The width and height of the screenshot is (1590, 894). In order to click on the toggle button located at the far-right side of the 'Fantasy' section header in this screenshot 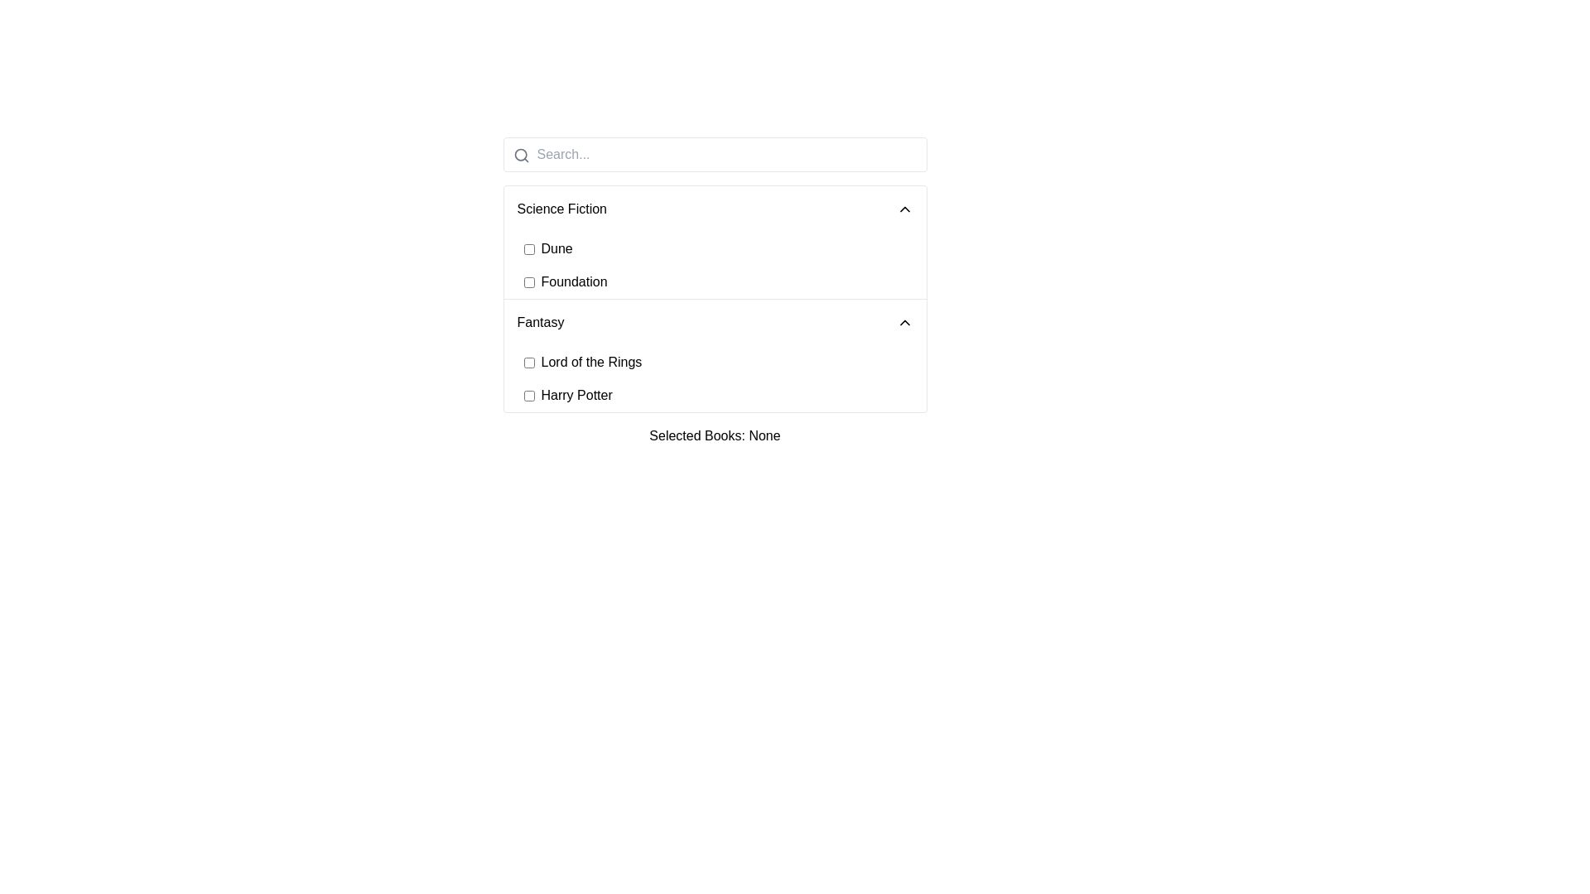, I will do `click(903, 322)`.